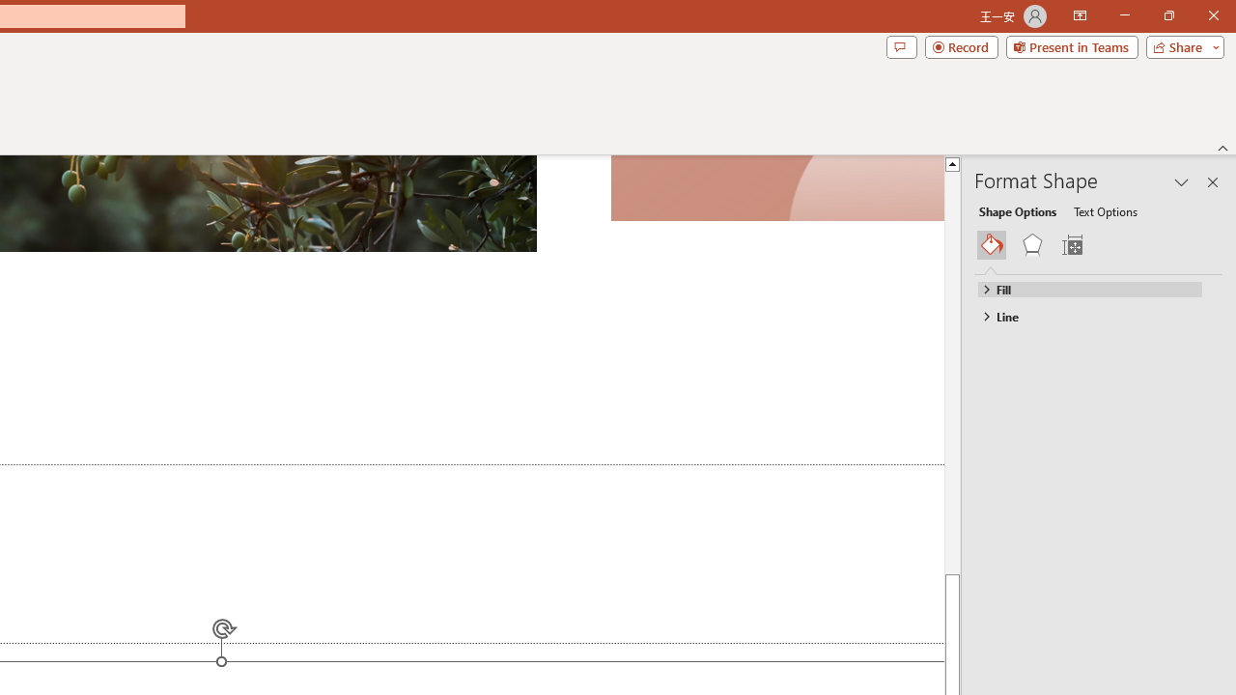  Describe the element at coordinates (1071, 244) in the screenshot. I see `'Size & Properties'` at that location.